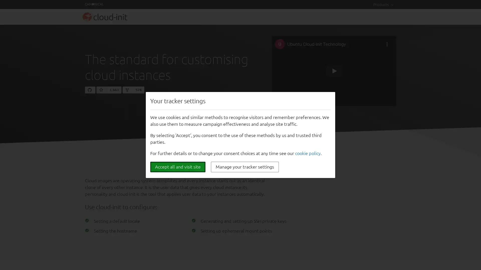 The width and height of the screenshot is (481, 270). What do you see at coordinates (178, 167) in the screenshot?
I see `Accept all and visit site` at bounding box center [178, 167].